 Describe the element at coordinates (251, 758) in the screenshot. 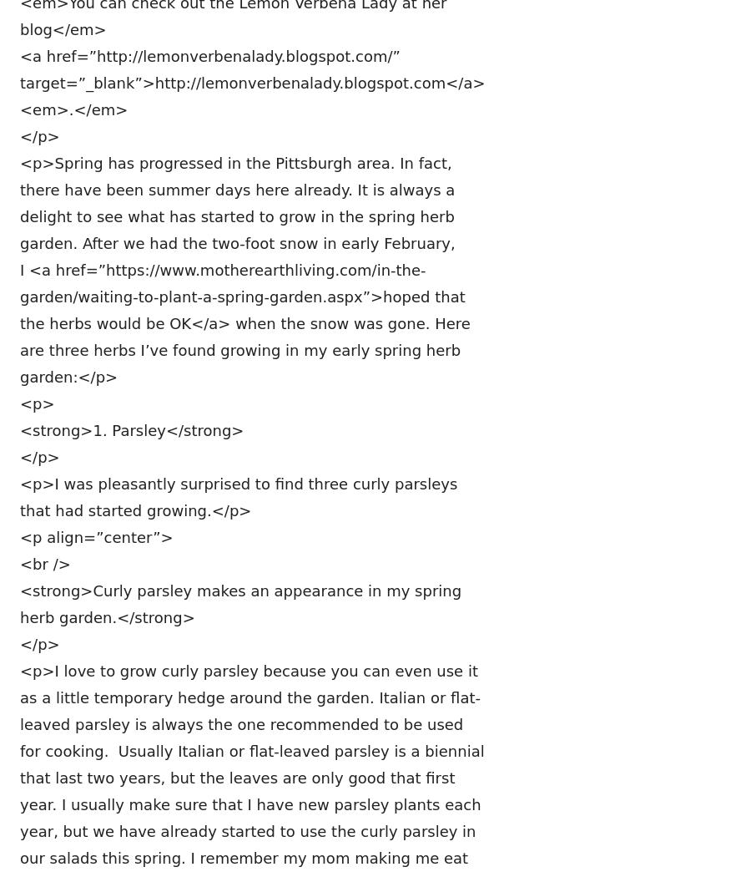

I see `'No recommended products to display for this article.'` at that location.